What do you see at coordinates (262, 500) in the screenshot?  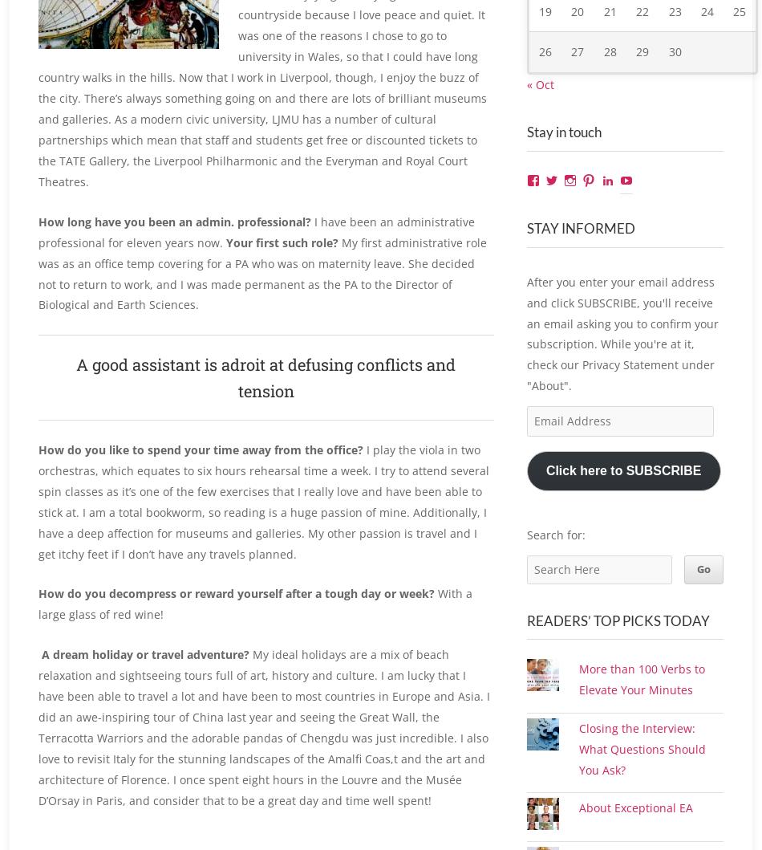 I see `'I play the viola in two orchestras, which equates to six hours rehearsal time a week. I try to attend several spin classes as it’s one of the few exercises that I really love and have been able to stick at. I am a total bookworm, so reading is a huge passion of mine. Additionally, I have a deep affection for museums and galleries. My other passion is travel and I get itchy feet if I don’t have any travels planned.'` at bounding box center [262, 500].